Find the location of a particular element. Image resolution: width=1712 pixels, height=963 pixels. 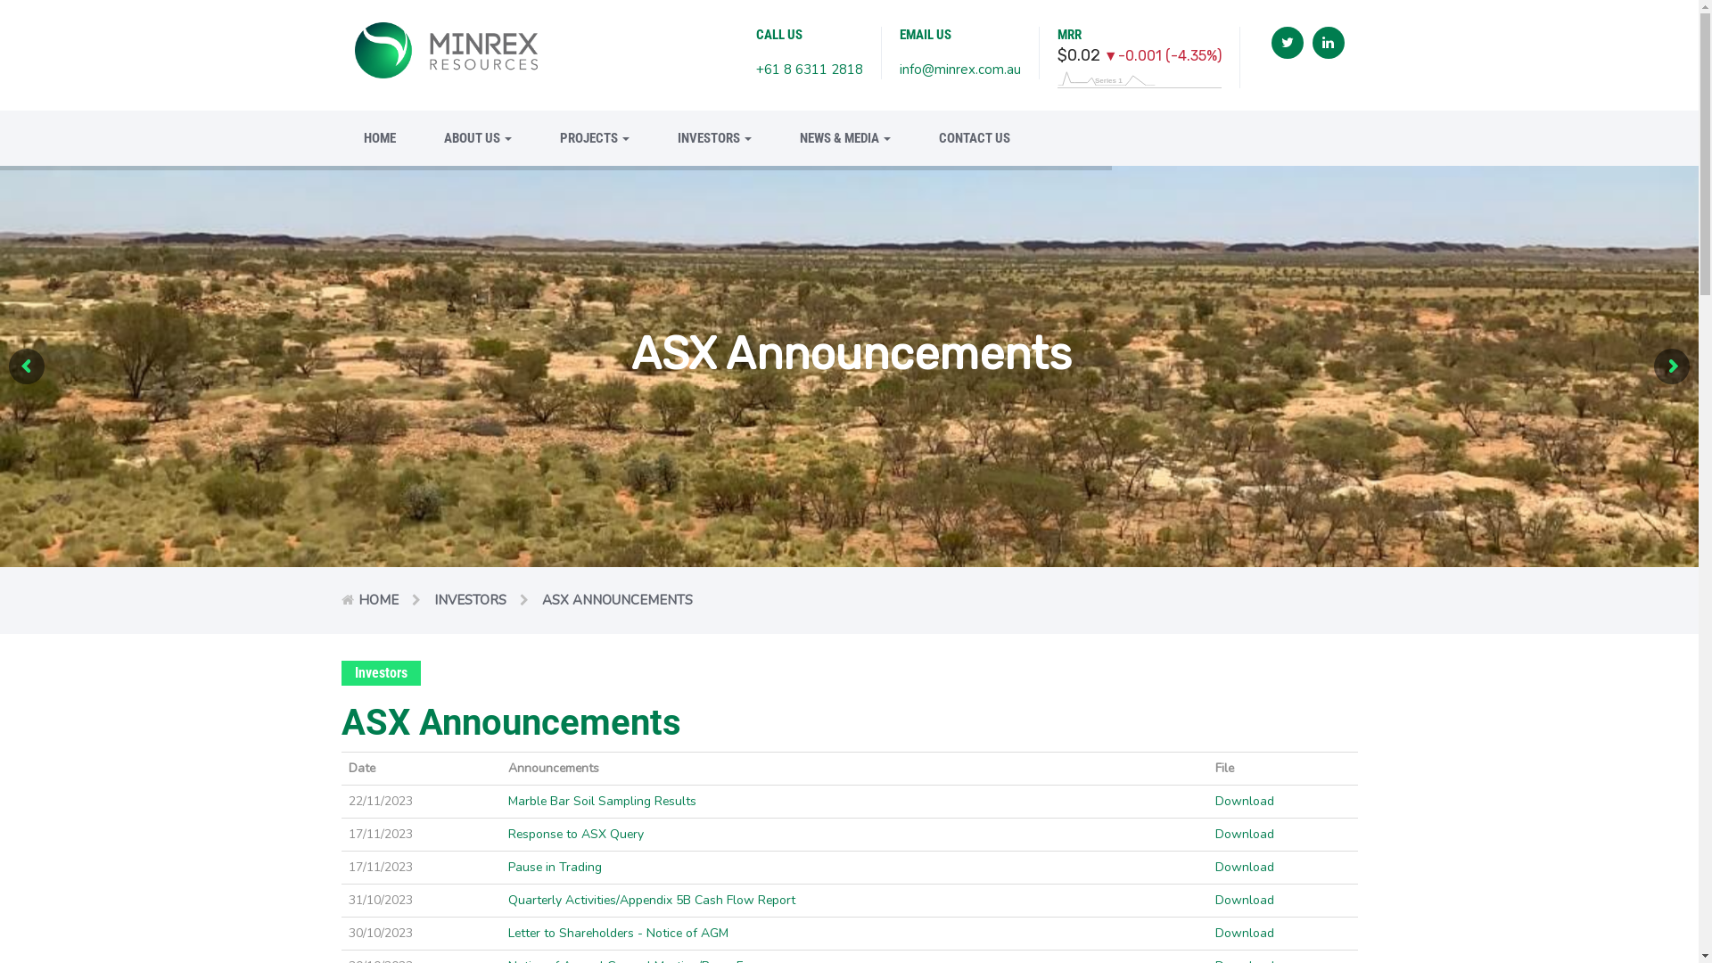

'NEWS & MEDIA' is located at coordinates (778, 136).